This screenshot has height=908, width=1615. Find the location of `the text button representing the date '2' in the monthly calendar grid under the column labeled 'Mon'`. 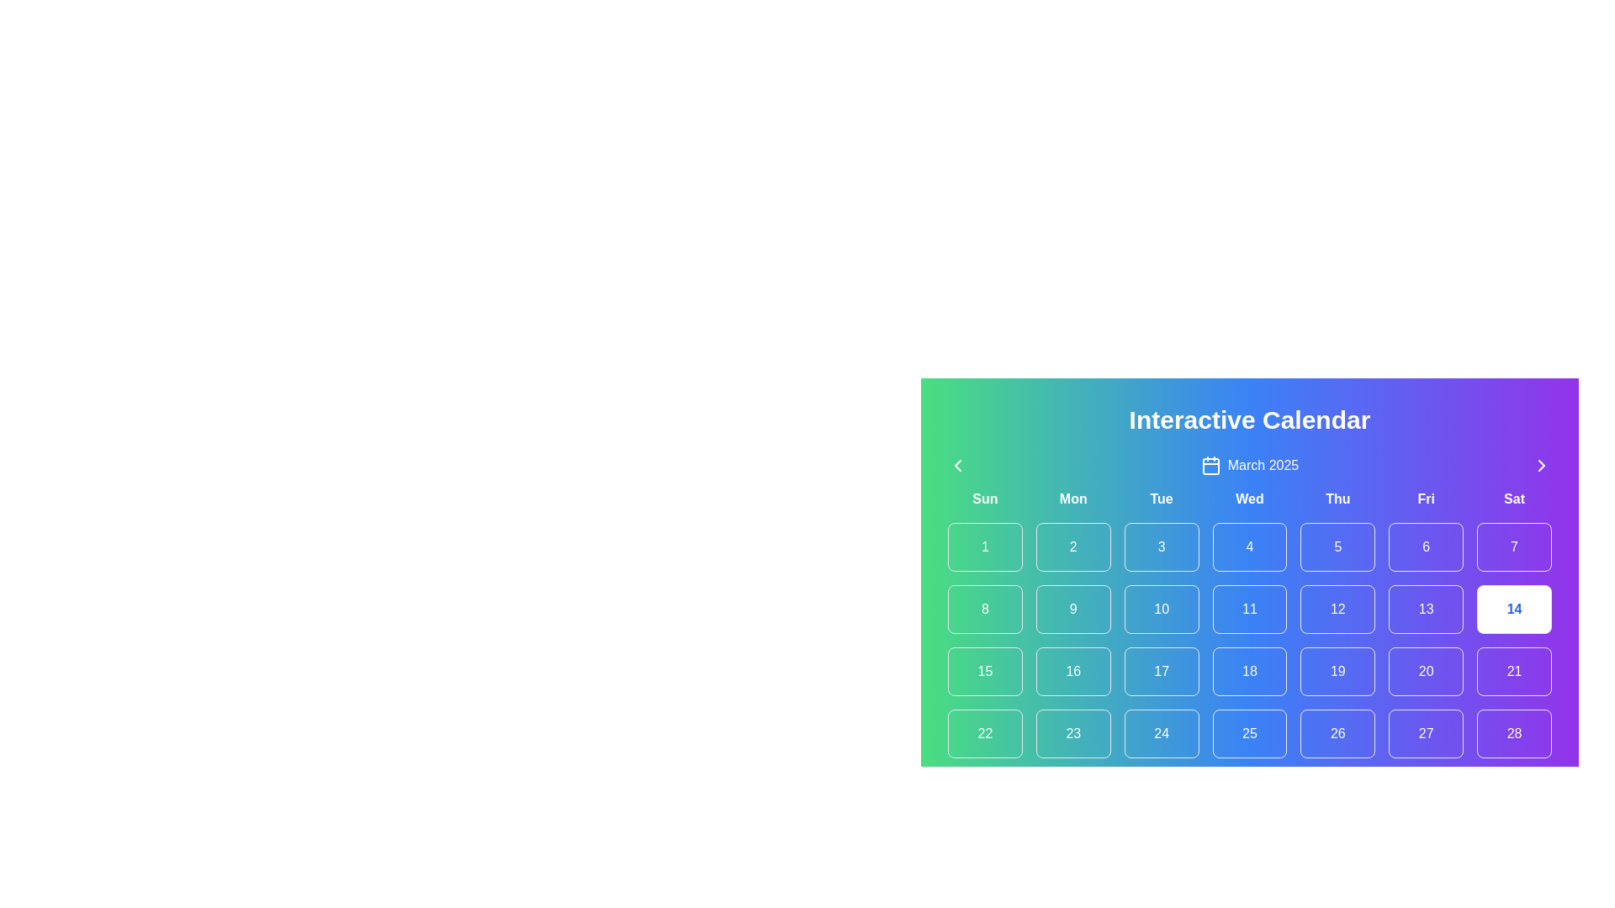

the text button representing the date '2' in the monthly calendar grid under the column labeled 'Mon' is located at coordinates (1072, 547).